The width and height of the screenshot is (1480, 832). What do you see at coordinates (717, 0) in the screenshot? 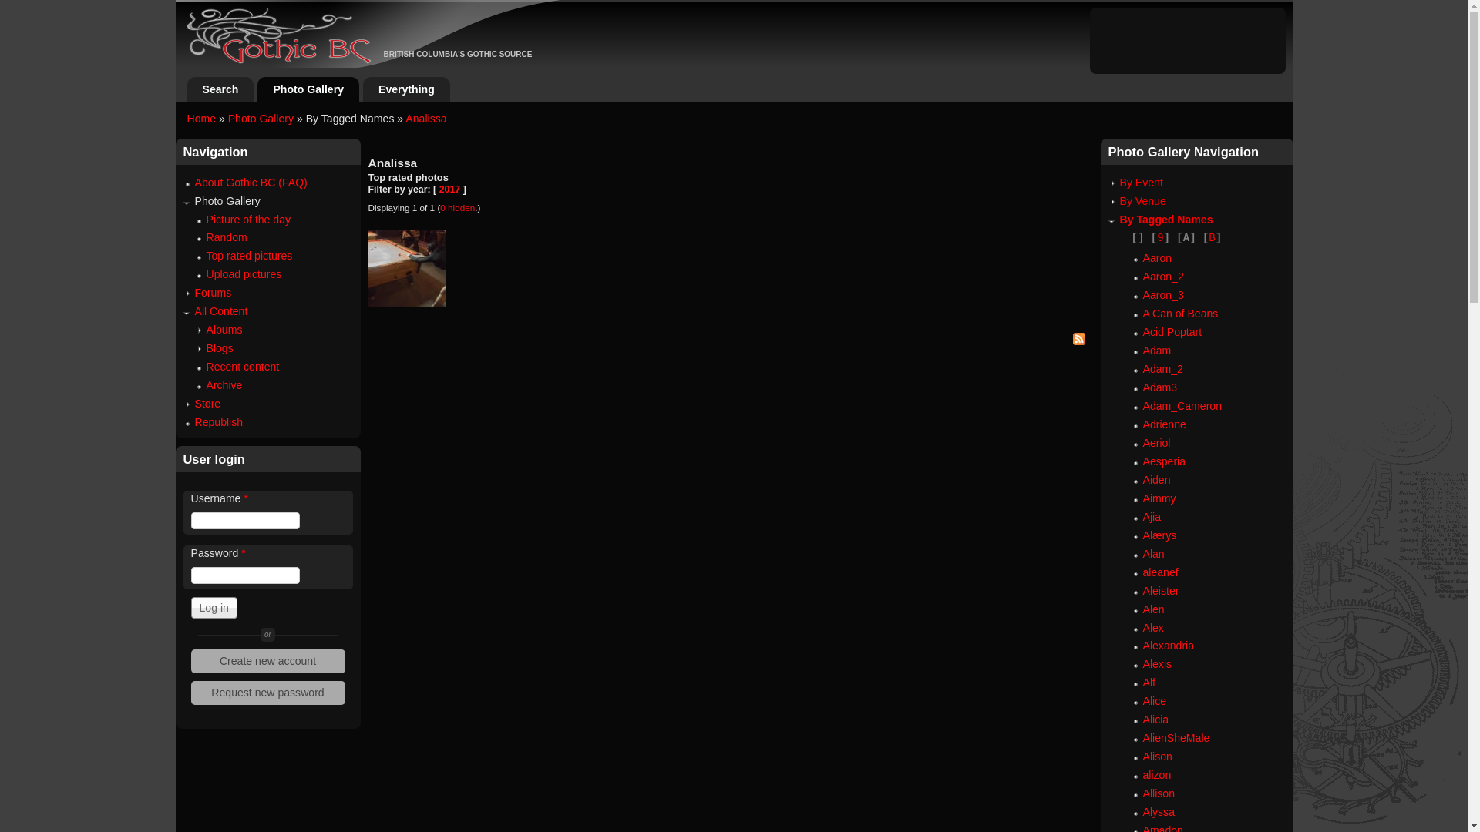
I see `'Skip to main content'` at bounding box center [717, 0].